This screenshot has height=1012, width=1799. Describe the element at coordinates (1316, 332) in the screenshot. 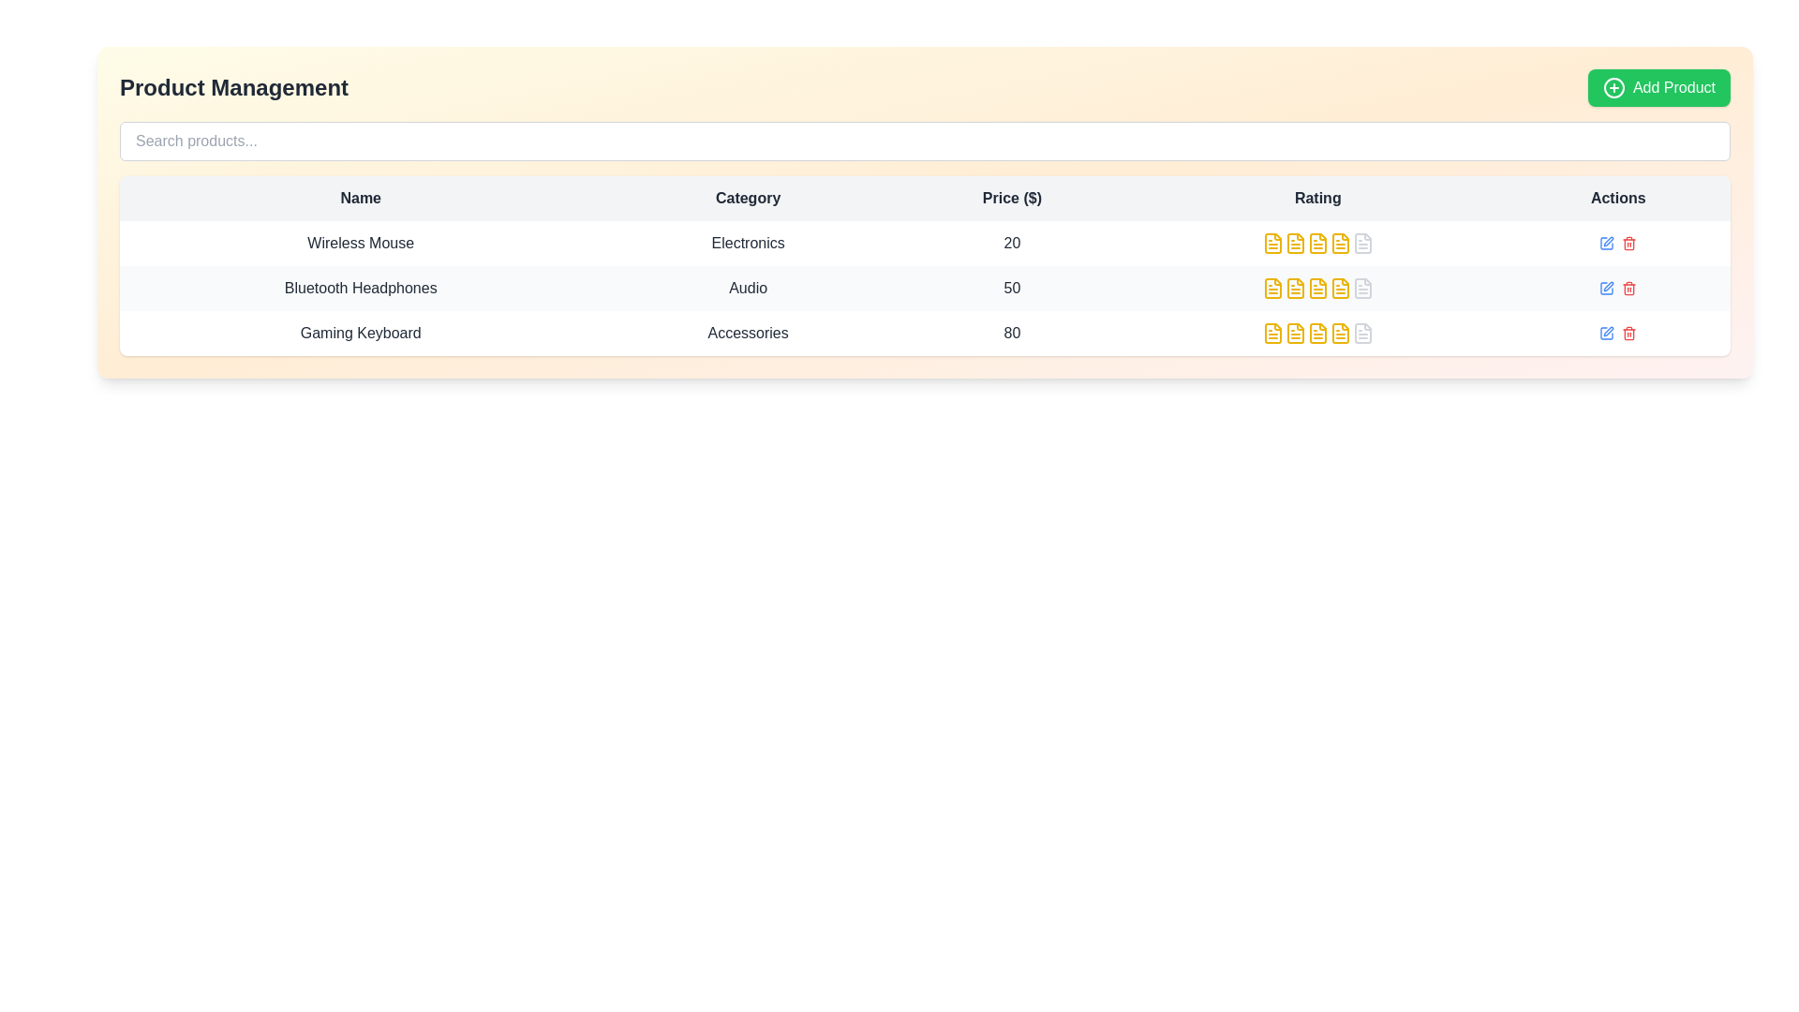

I see `the fourth rating icon in the Rating column for the 'Gaming Keyboard' item` at that location.